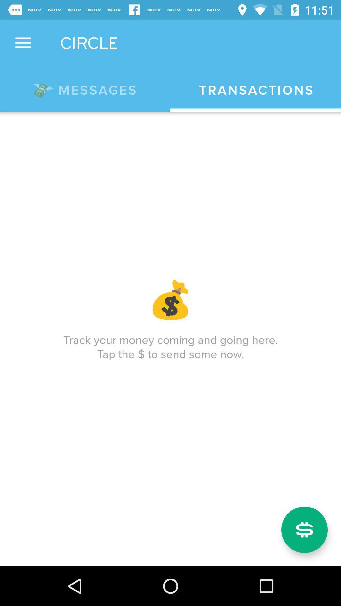 The image size is (341, 606). Describe the element at coordinates (85, 89) in the screenshot. I see `the *messages app` at that location.